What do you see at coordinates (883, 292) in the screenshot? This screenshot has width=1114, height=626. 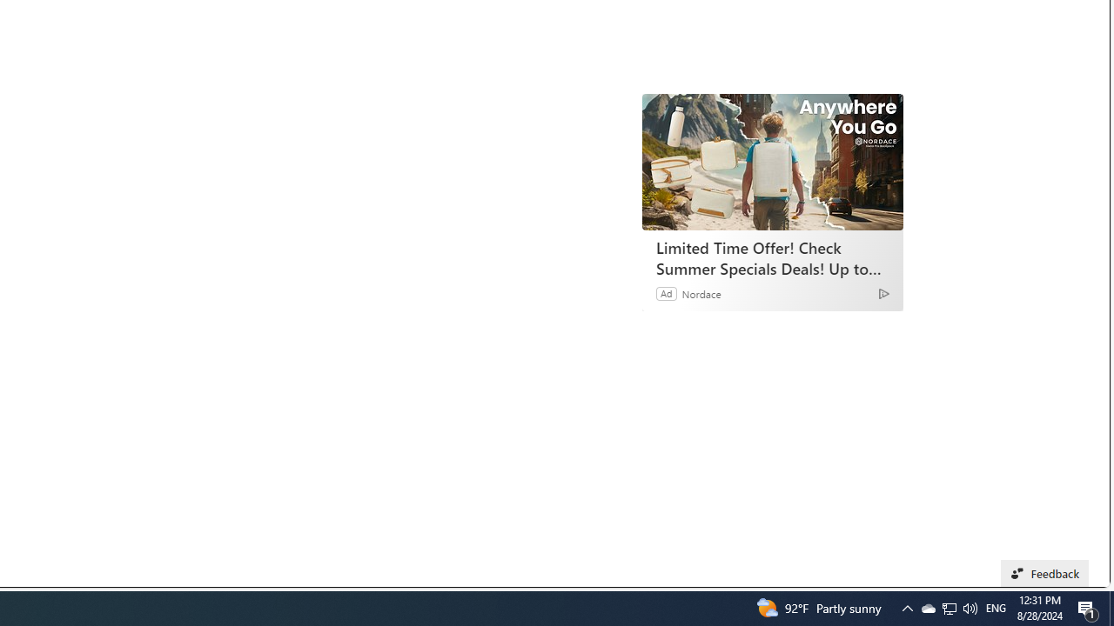 I see `'Ad Choice'` at bounding box center [883, 292].